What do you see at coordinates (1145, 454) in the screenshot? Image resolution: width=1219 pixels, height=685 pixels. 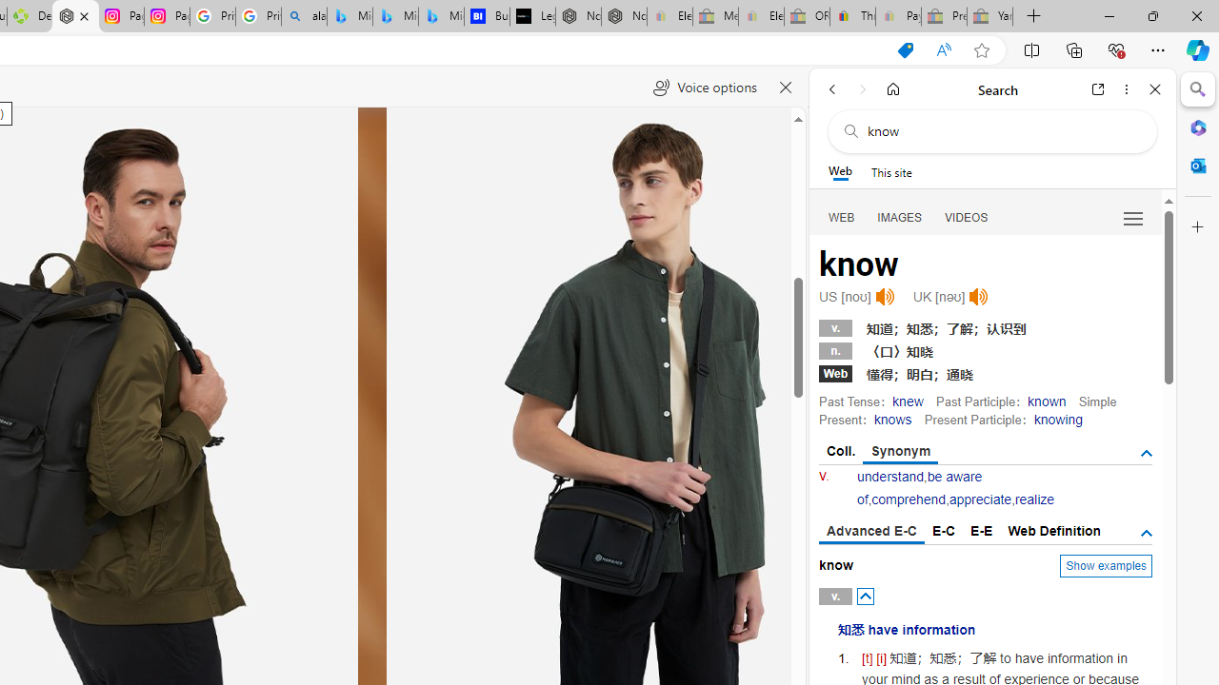 I see `'AutomationID: tgsb'` at bounding box center [1145, 454].